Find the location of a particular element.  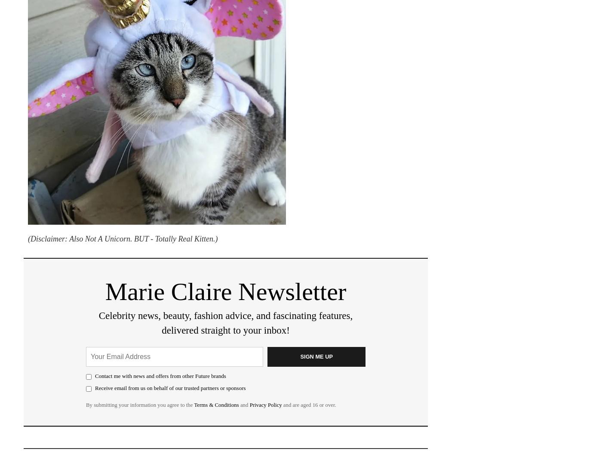

'Marie Claire Newsletter' is located at coordinates (225, 291).